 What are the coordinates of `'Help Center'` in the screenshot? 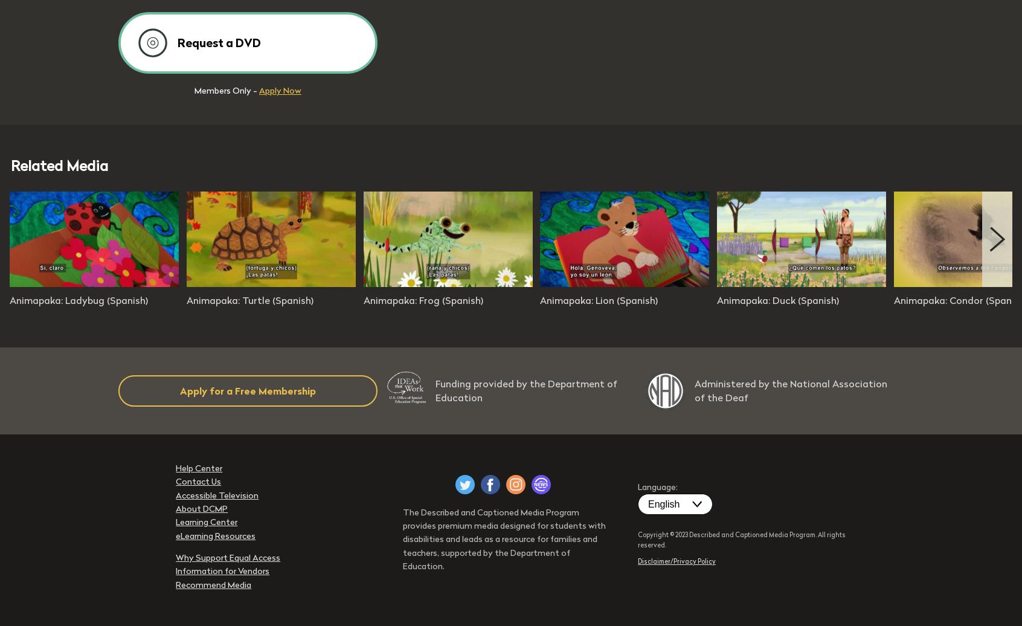 It's located at (198, 467).